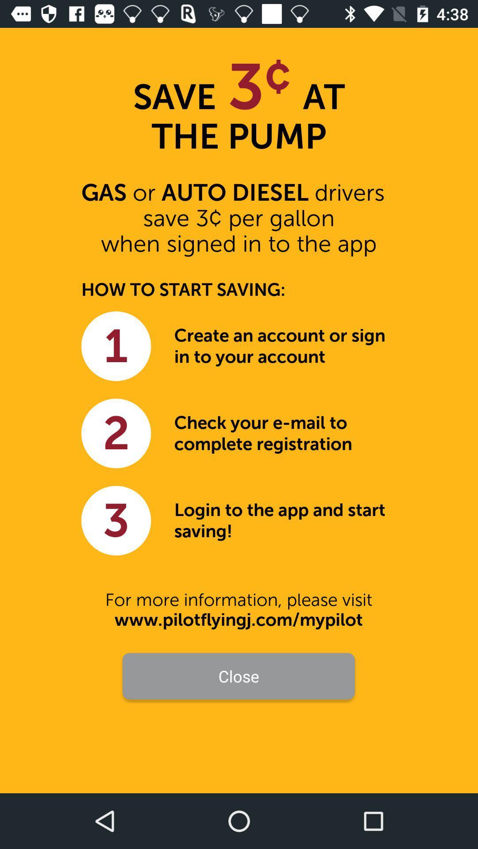 Image resolution: width=478 pixels, height=849 pixels. I want to click on the item above already have an icon, so click(239, 717).